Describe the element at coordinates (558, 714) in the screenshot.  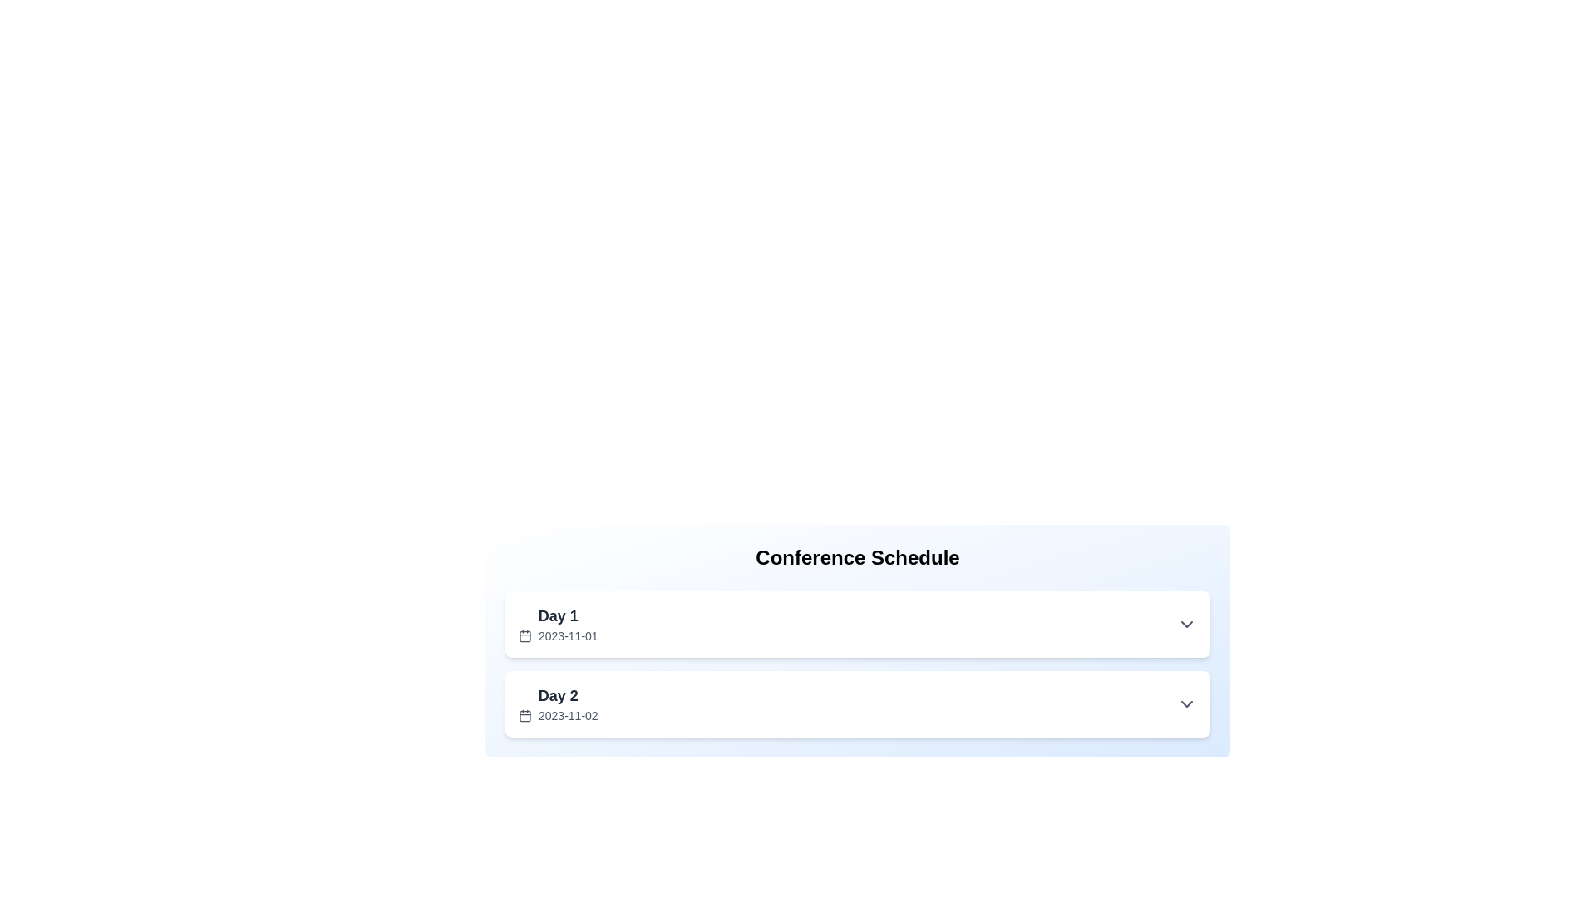
I see `the Text with Icon element displaying the date '2023-11-02', which is prefixed by a small calendar icon and is located beneath the 'Day 2' heading` at that location.